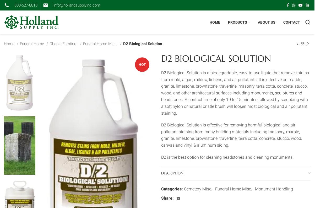 Image resolution: width=315 pixels, height=208 pixels. Describe the element at coordinates (237, 22) in the screenshot. I see `'Products'` at that location.